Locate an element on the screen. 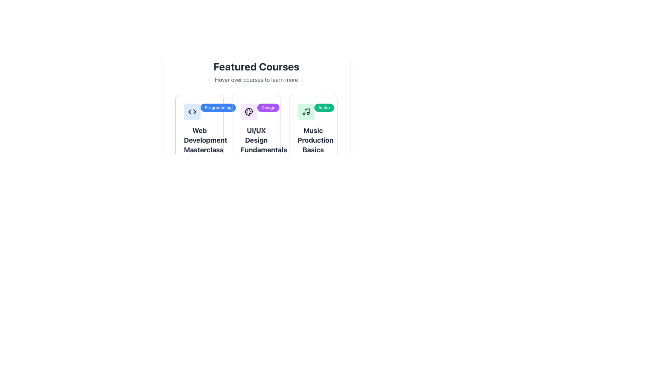 The image size is (664, 373). the music-related icon depicting a musical note within the 'Featured Courses' section, specifically in the 'Music Production Basics' box, to understand the context is located at coordinates (305, 112).